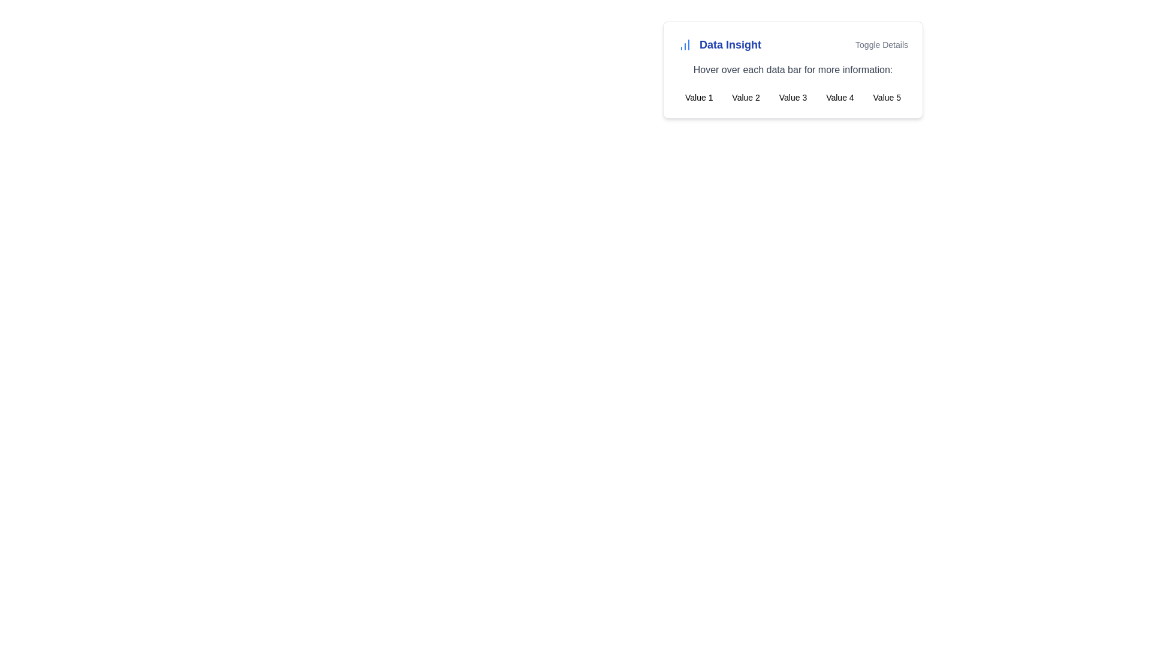 Image resolution: width=1151 pixels, height=647 pixels. What do you see at coordinates (793, 69) in the screenshot?
I see `the informational text displaying 'Hover over each data bar for more information:' which is gray in color and located above the grid of data points` at bounding box center [793, 69].